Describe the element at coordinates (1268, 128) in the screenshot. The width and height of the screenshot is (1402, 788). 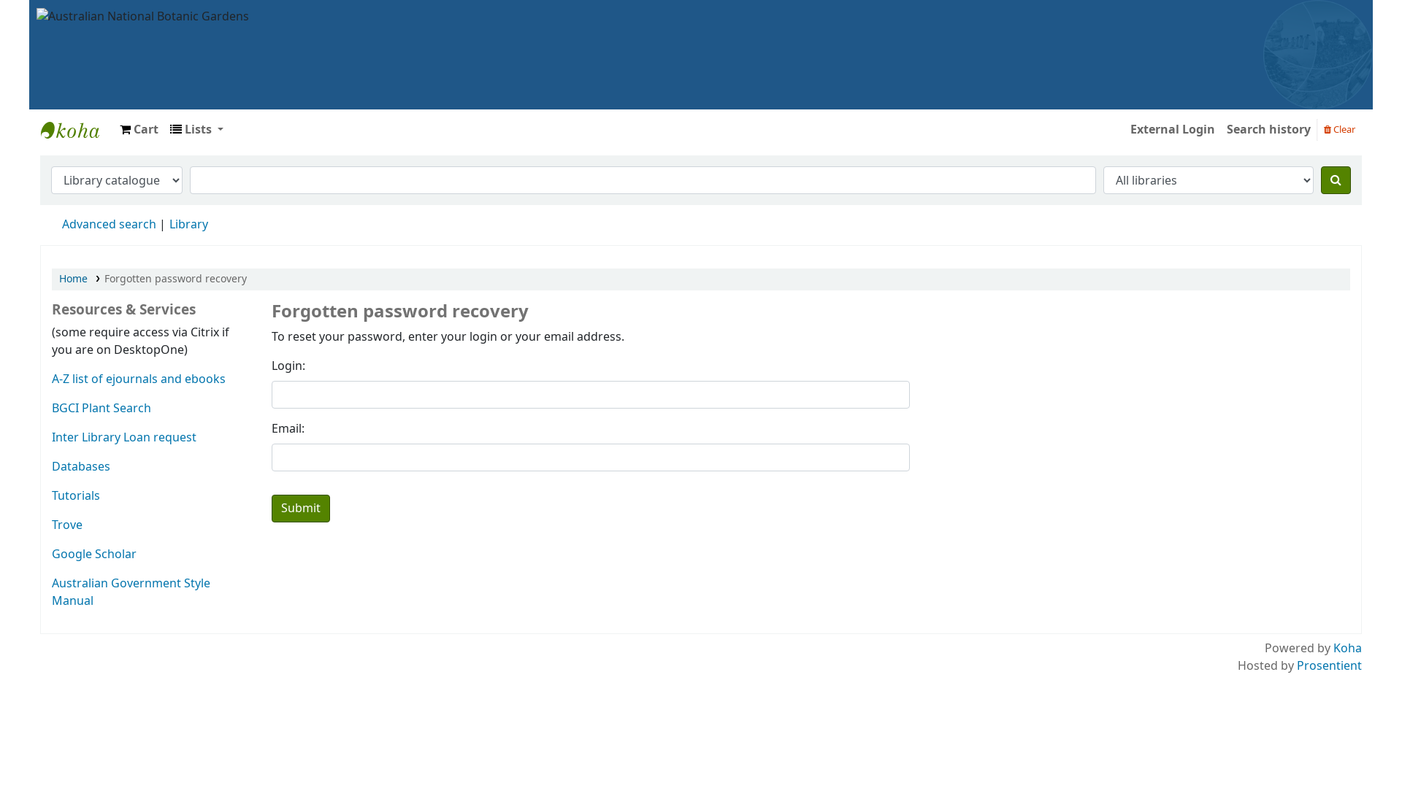
I see `'Search history'` at that location.